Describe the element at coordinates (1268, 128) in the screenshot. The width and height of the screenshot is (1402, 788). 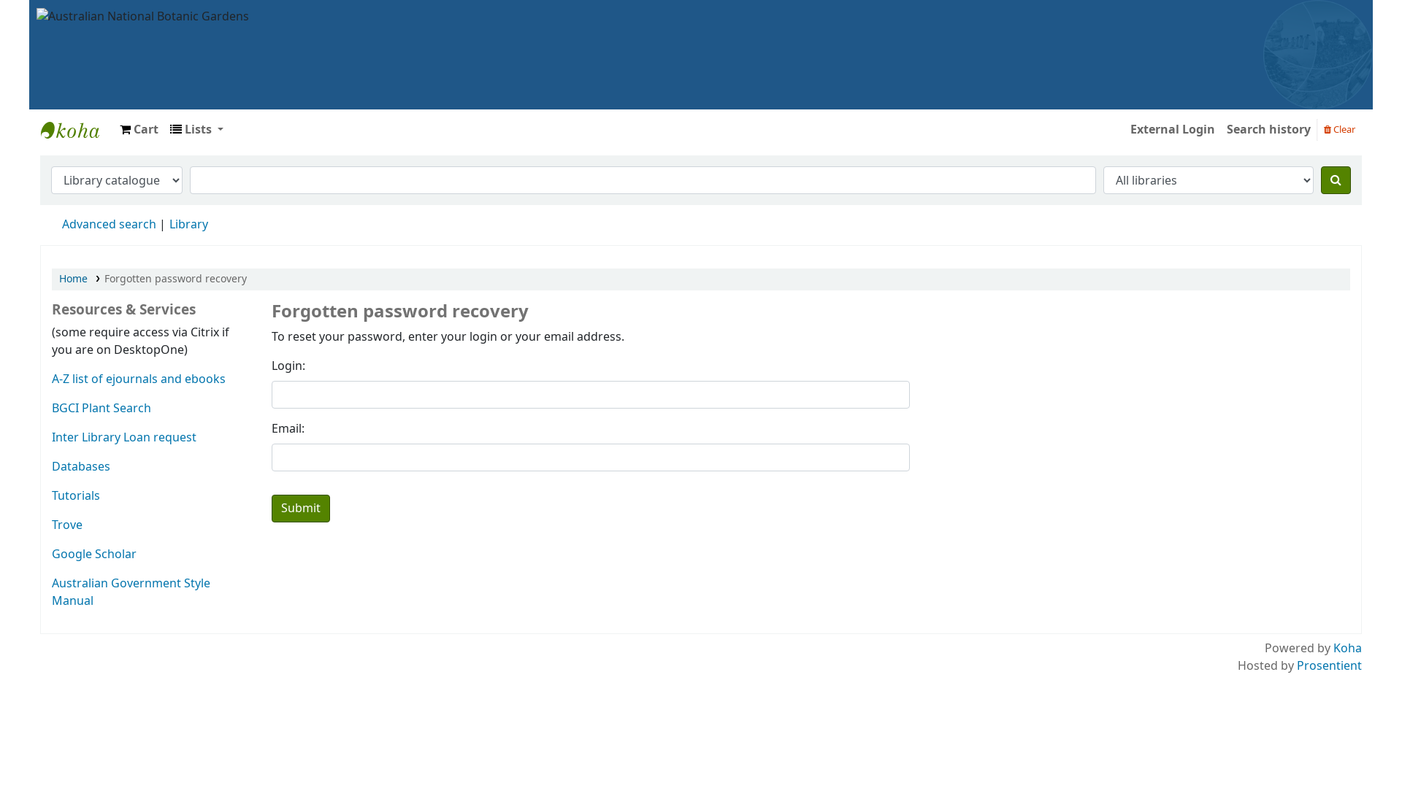
I see `'Search history'` at that location.